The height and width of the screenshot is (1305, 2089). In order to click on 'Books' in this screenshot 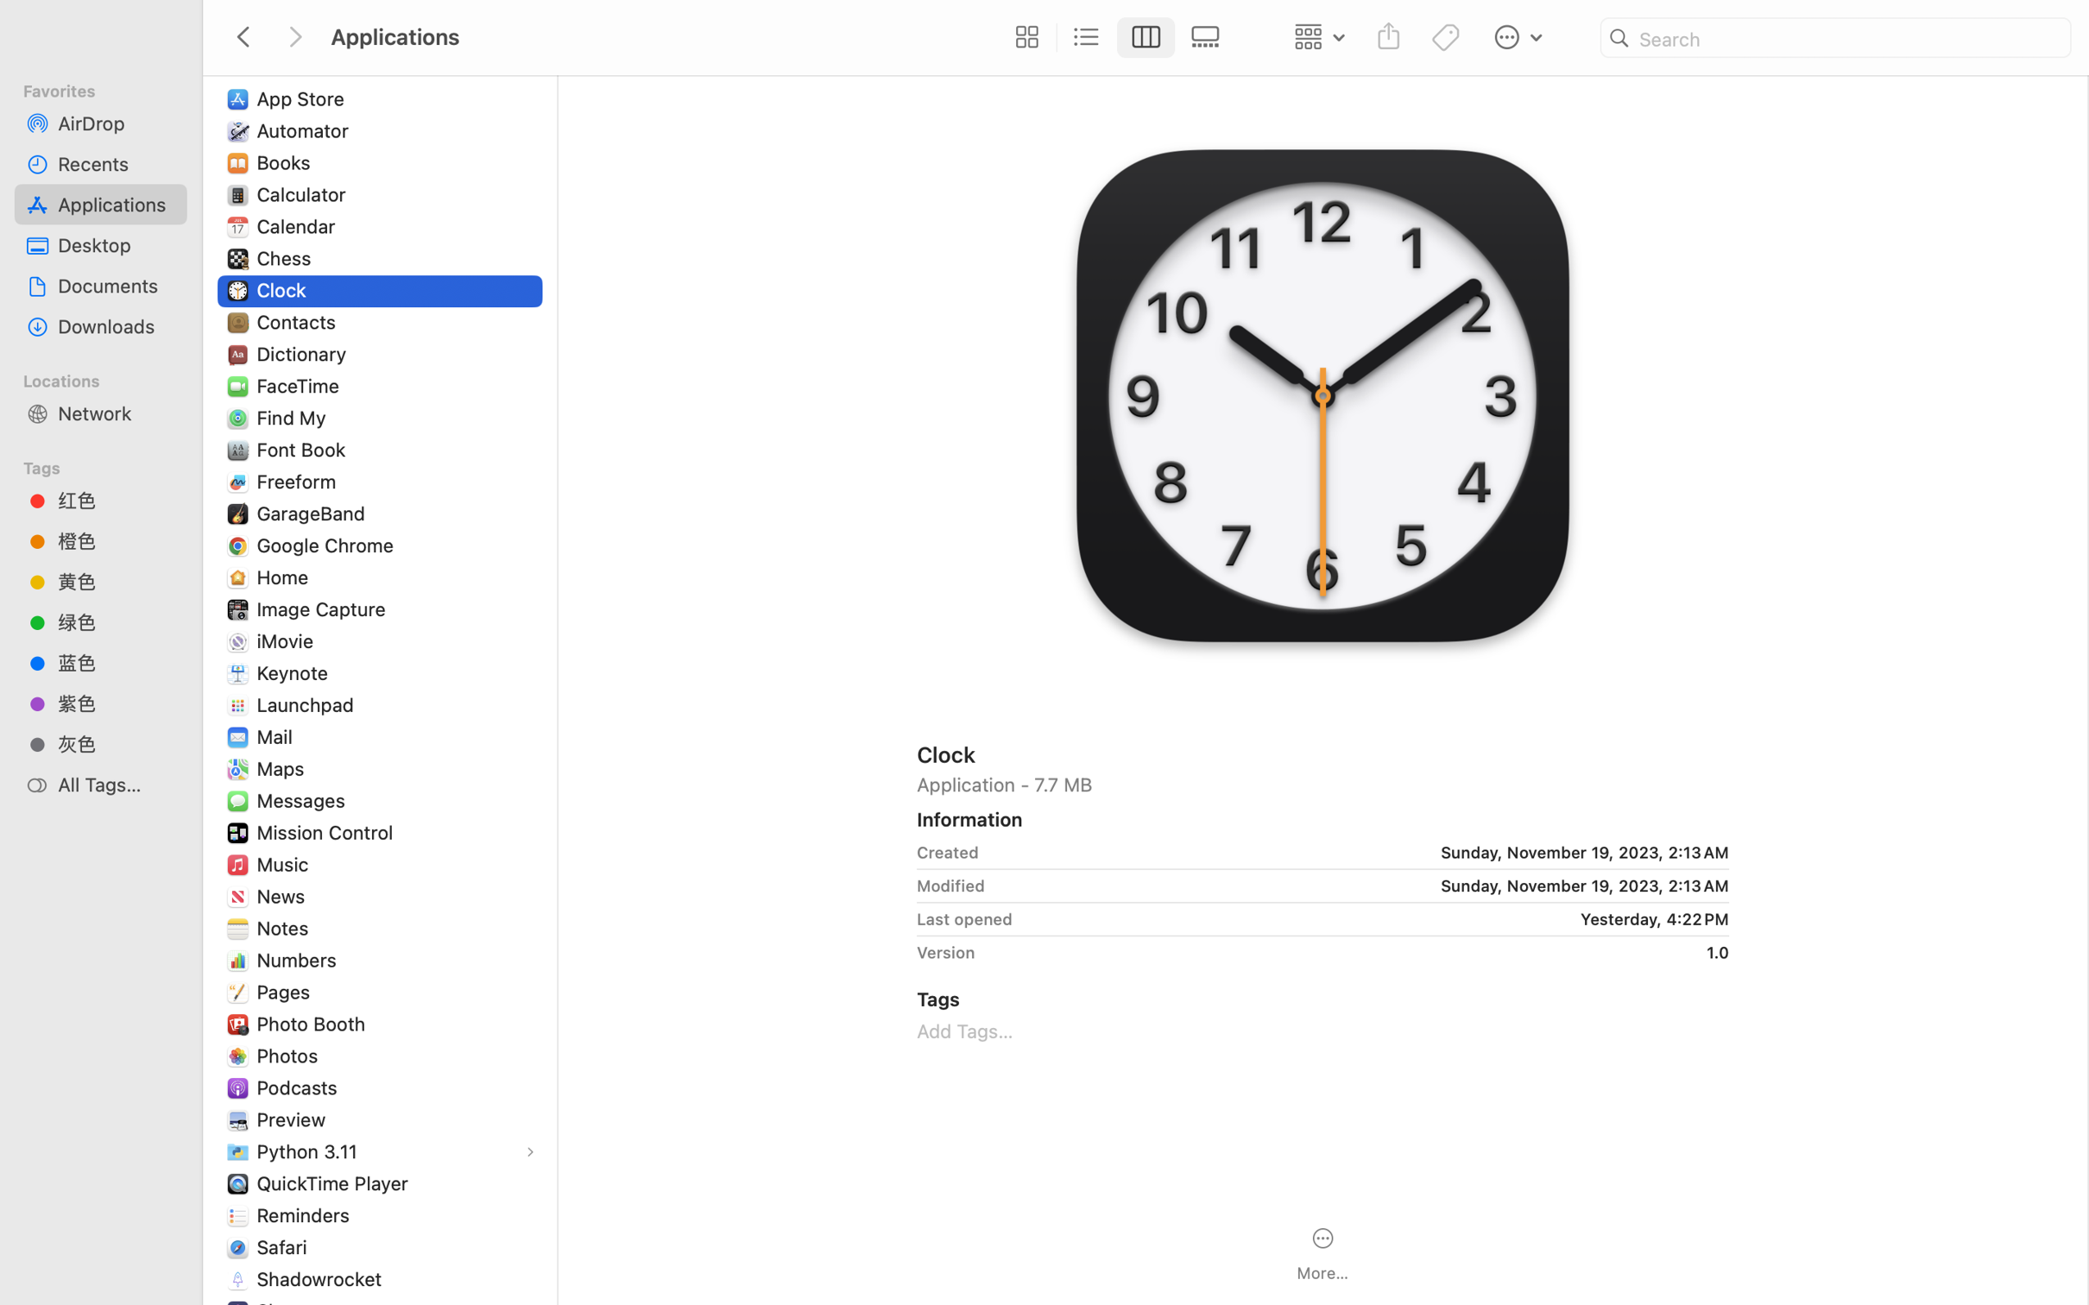, I will do `click(287, 161)`.